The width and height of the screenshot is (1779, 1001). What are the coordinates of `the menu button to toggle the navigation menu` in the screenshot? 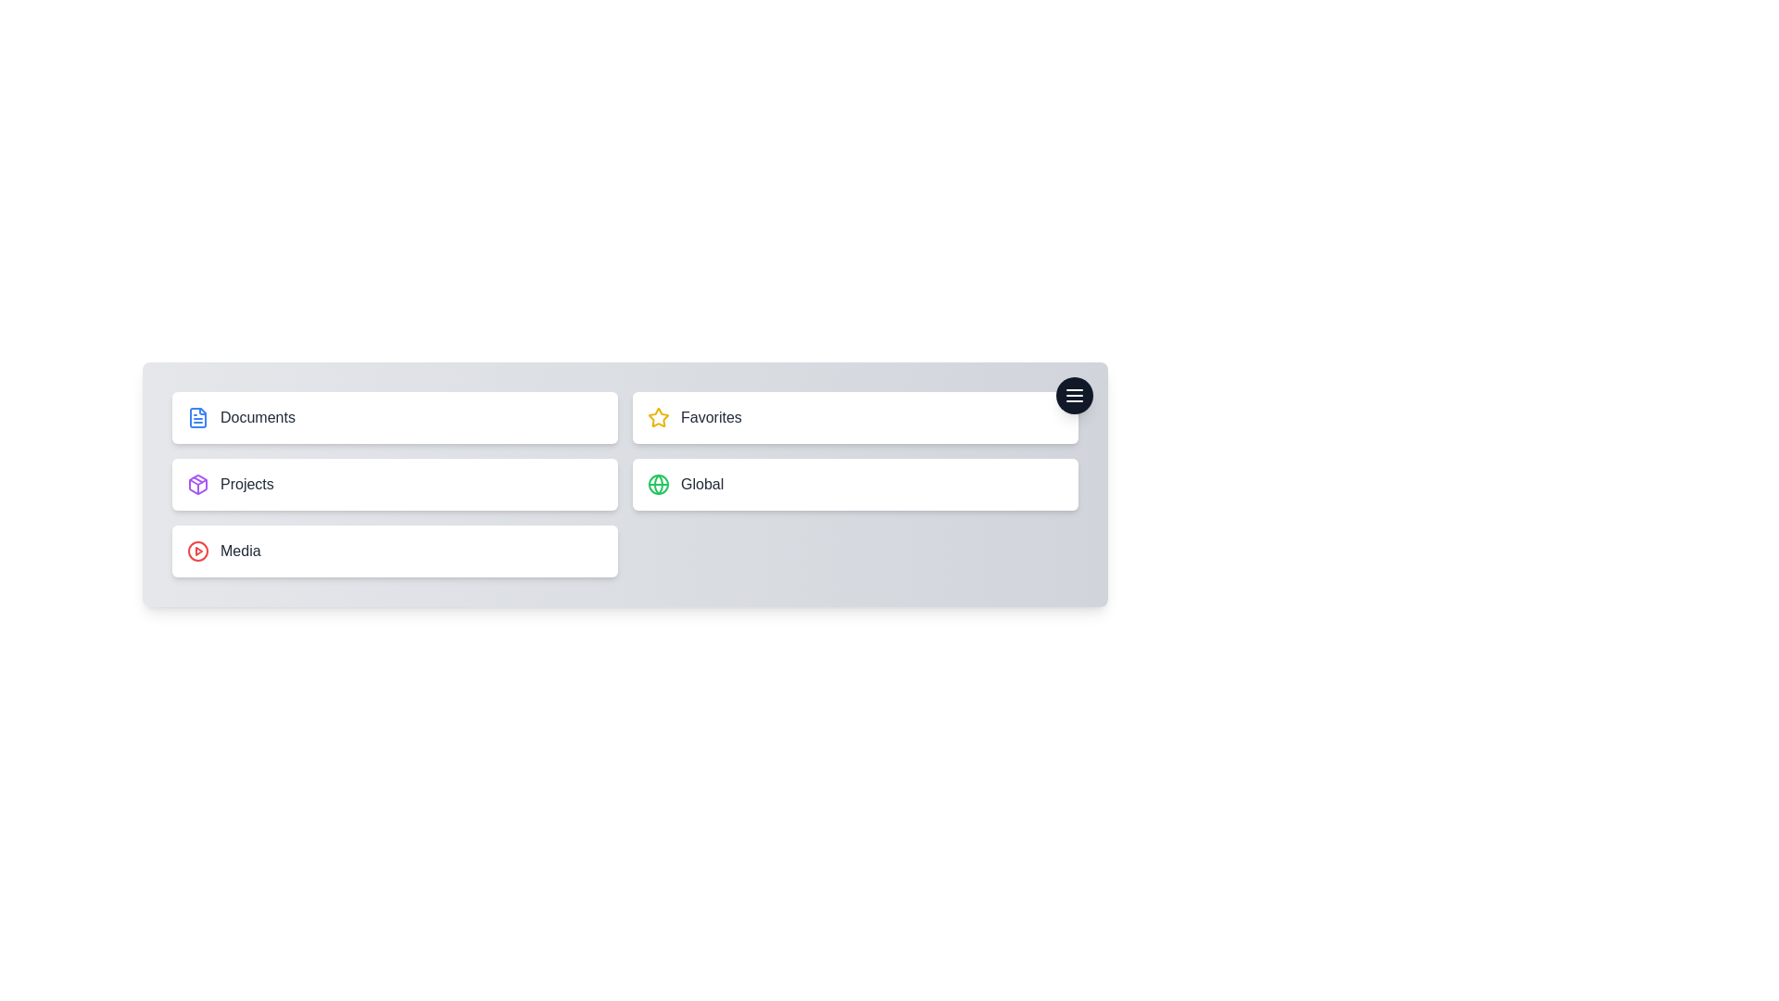 It's located at (1075, 395).